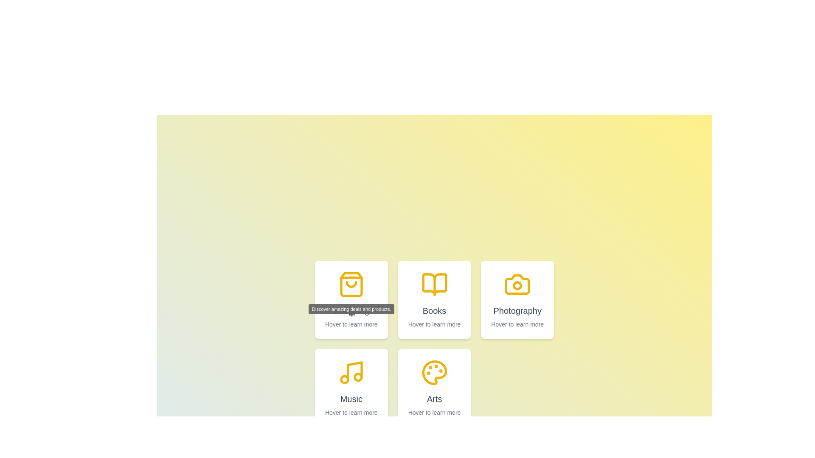 The image size is (815, 458). Describe the element at coordinates (351, 324) in the screenshot. I see `the text label that reads 'Hover to learn more', which is located below the 'Shopping' heading in a white box with rounded corners` at that location.